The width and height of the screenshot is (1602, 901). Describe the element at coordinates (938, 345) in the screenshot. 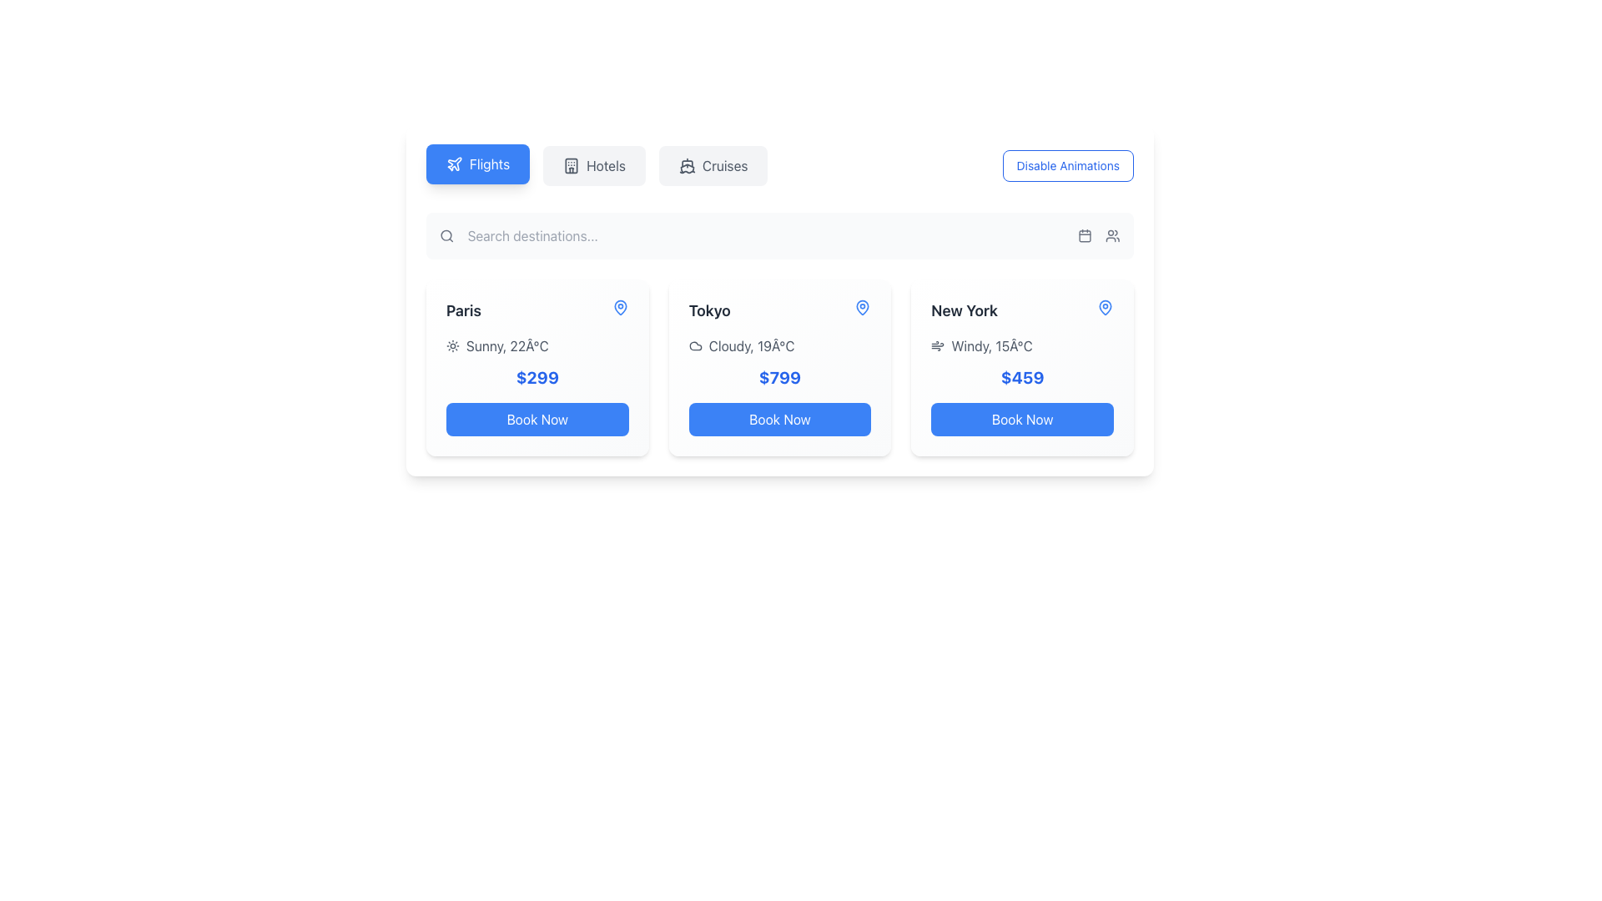

I see `the wind icon located in the weather information area for New York, which is to the left of the text 'Windy, 15°C'` at that location.